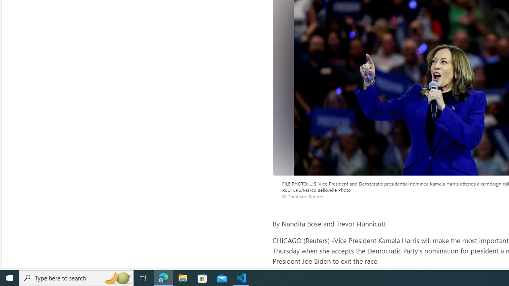 This screenshot has height=286, width=509. What do you see at coordinates (183, 277) in the screenshot?
I see `'File Explorer'` at bounding box center [183, 277].